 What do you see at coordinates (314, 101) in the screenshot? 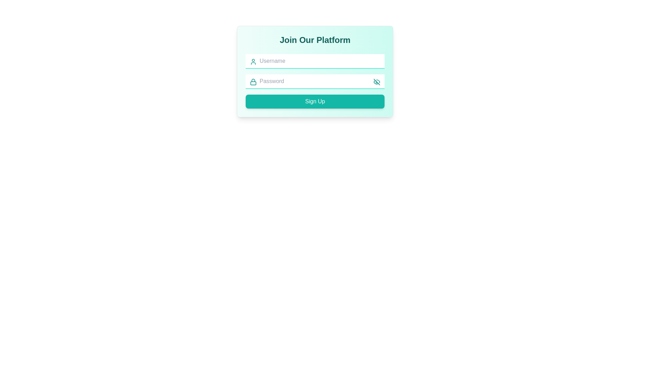
I see `the 'Sign Up' button, which has a teal background, white text, rounded corners, and a soft shadow` at bounding box center [314, 101].